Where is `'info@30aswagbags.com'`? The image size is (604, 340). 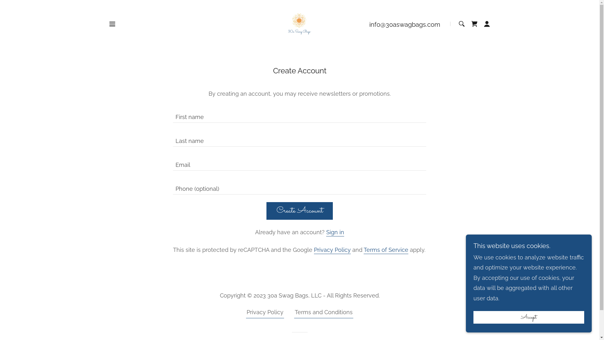 'info@30aswagbags.com' is located at coordinates (369, 24).